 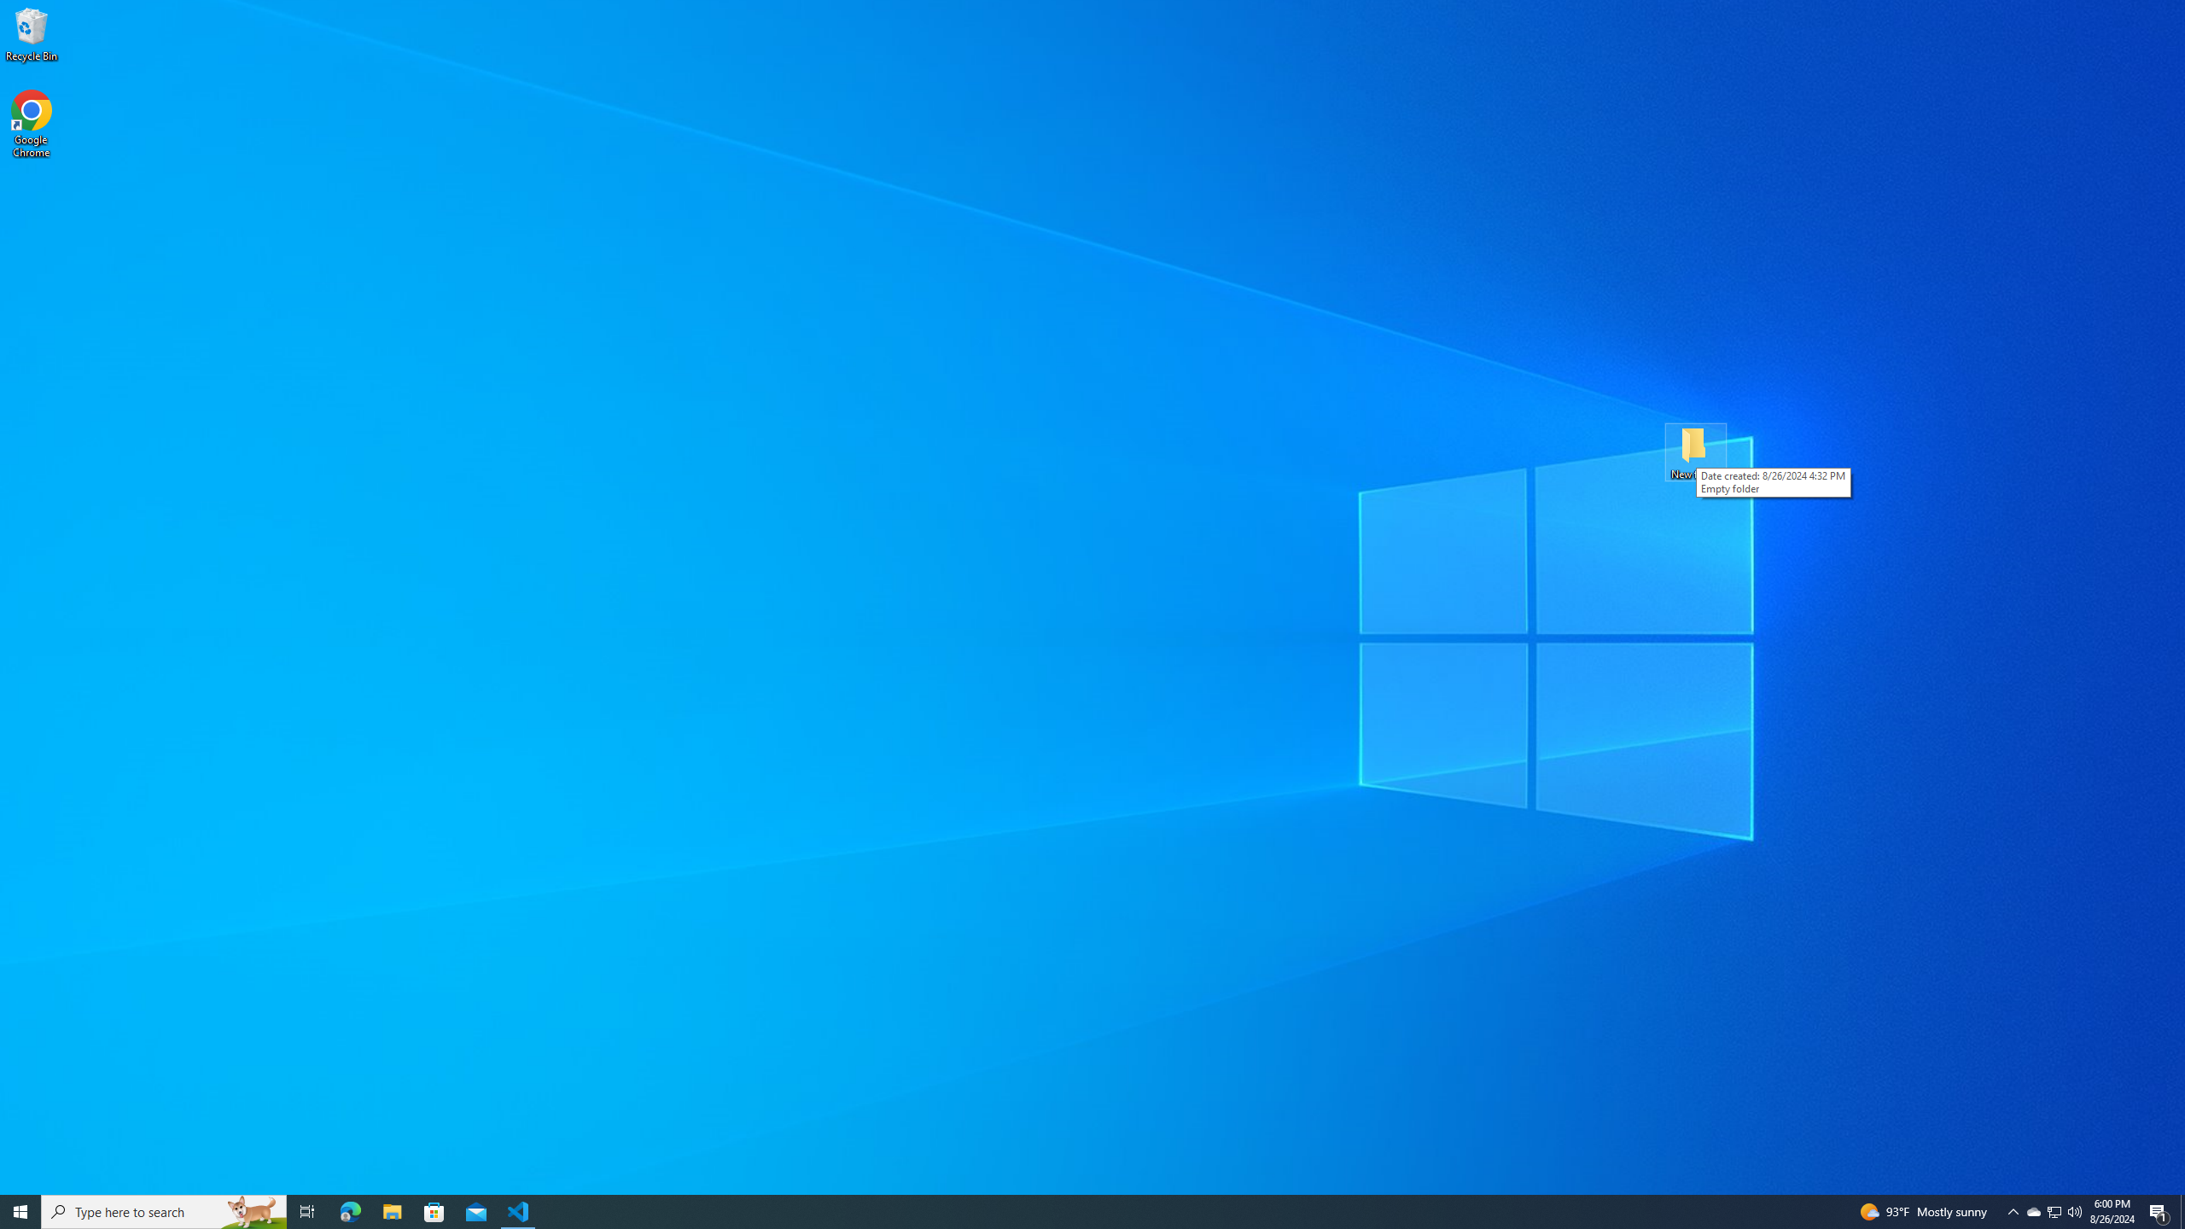 I want to click on 'Recycle Bin', so click(x=31, y=32).